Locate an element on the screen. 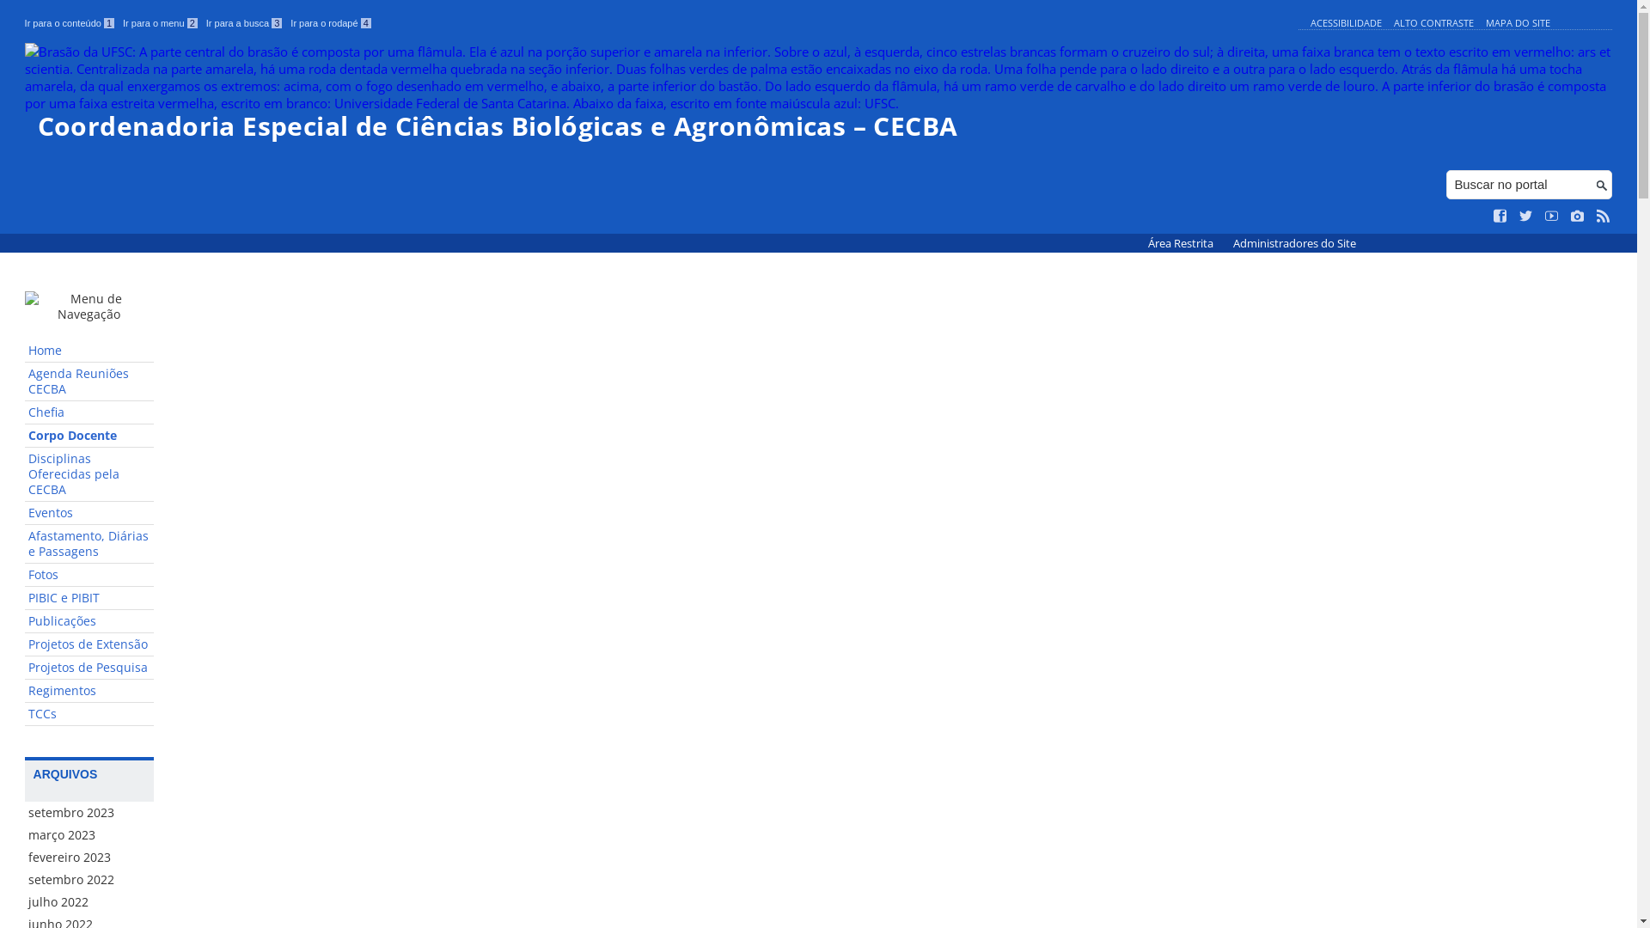  'fevereiro 2023' is located at coordinates (89, 858).